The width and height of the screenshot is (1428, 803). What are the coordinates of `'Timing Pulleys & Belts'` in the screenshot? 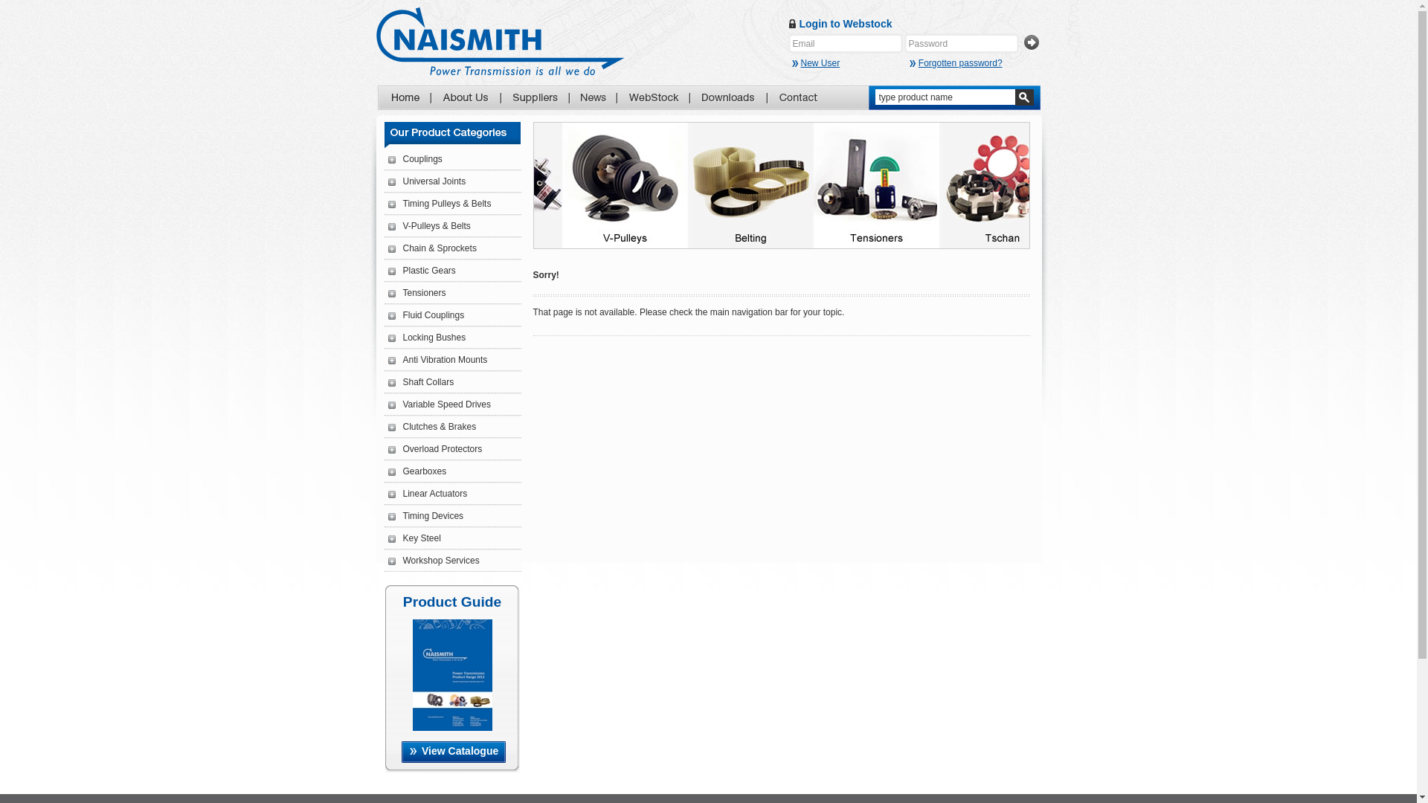 It's located at (439, 203).